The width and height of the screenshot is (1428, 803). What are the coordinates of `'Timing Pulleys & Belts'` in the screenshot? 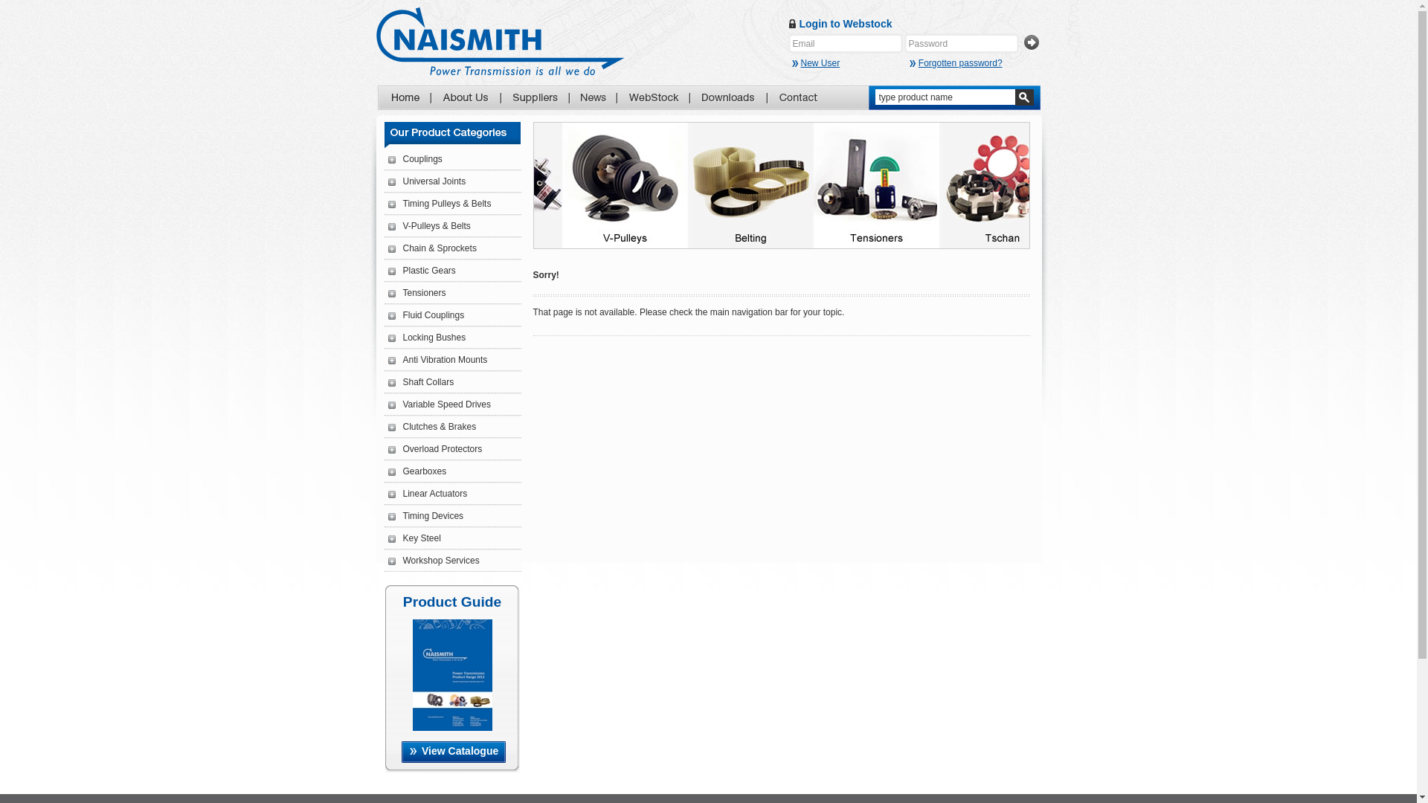 It's located at (439, 203).